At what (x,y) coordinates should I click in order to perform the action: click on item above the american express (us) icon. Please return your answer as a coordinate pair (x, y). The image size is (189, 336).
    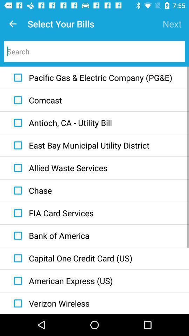
    Looking at the image, I should click on (71, 258).